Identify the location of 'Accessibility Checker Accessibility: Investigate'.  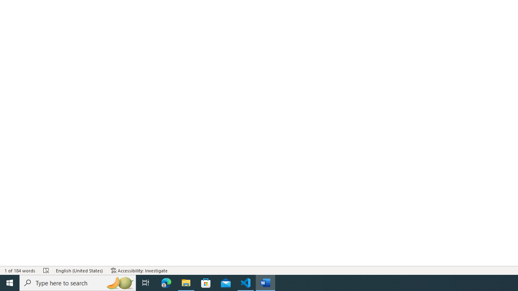
(139, 270).